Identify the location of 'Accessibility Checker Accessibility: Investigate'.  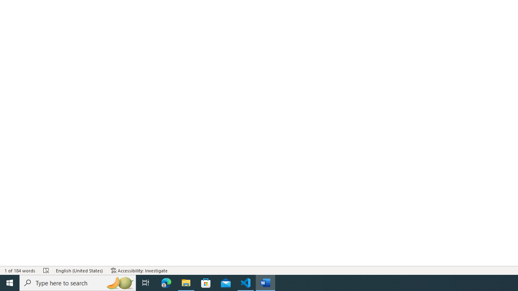
(139, 270).